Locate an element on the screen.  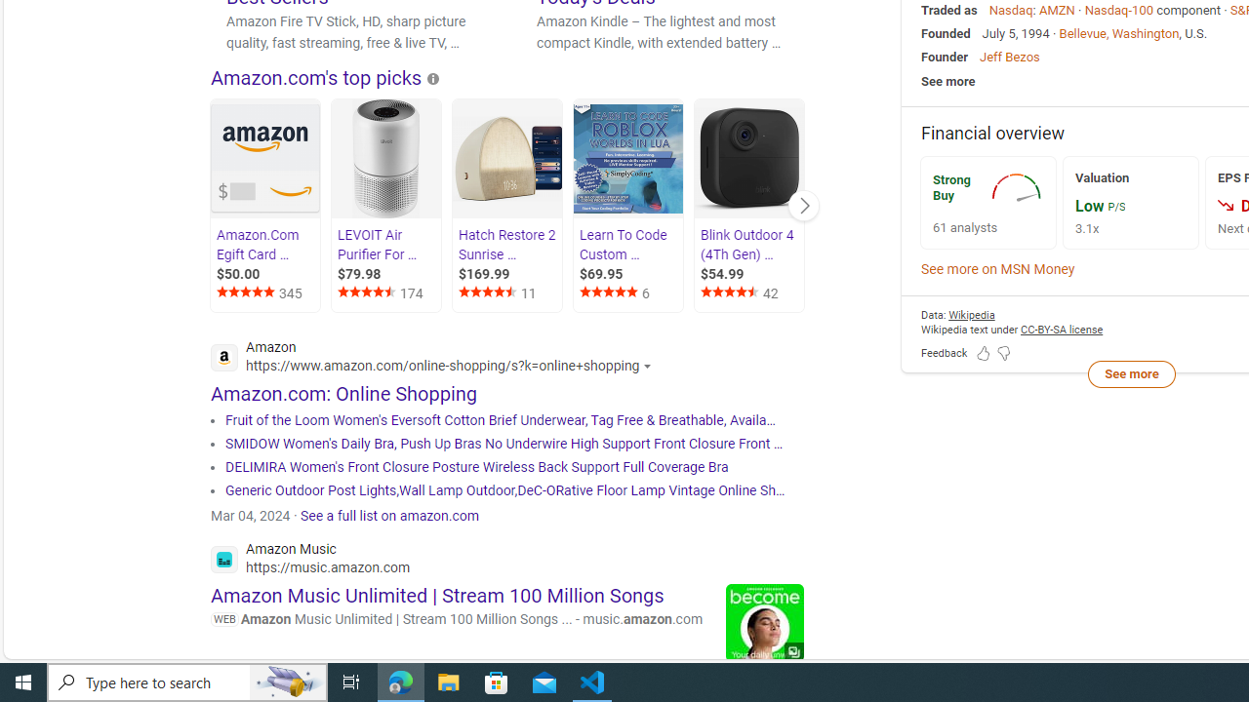
'Founder' is located at coordinates (945, 56).